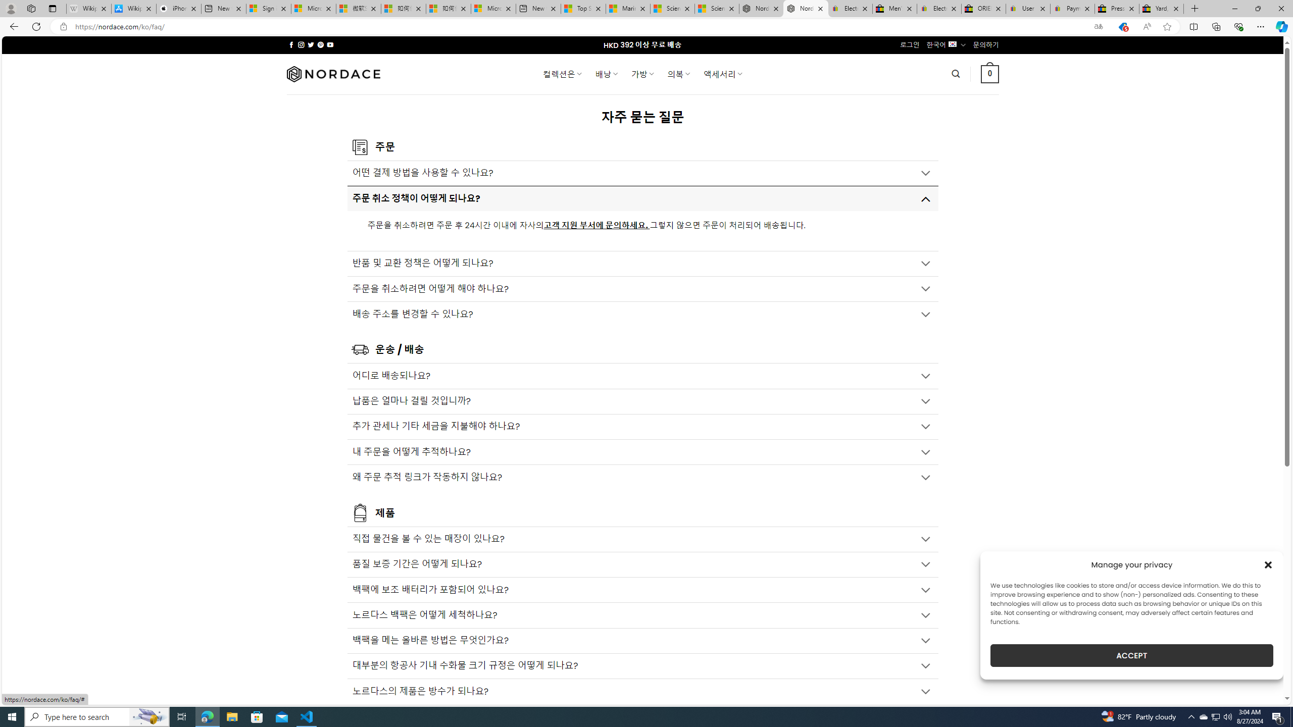 Image resolution: width=1293 pixels, height=727 pixels. What do you see at coordinates (179, 8) in the screenshot?
I see `'iPhone - Apple'` at bounding box center [179, 8].